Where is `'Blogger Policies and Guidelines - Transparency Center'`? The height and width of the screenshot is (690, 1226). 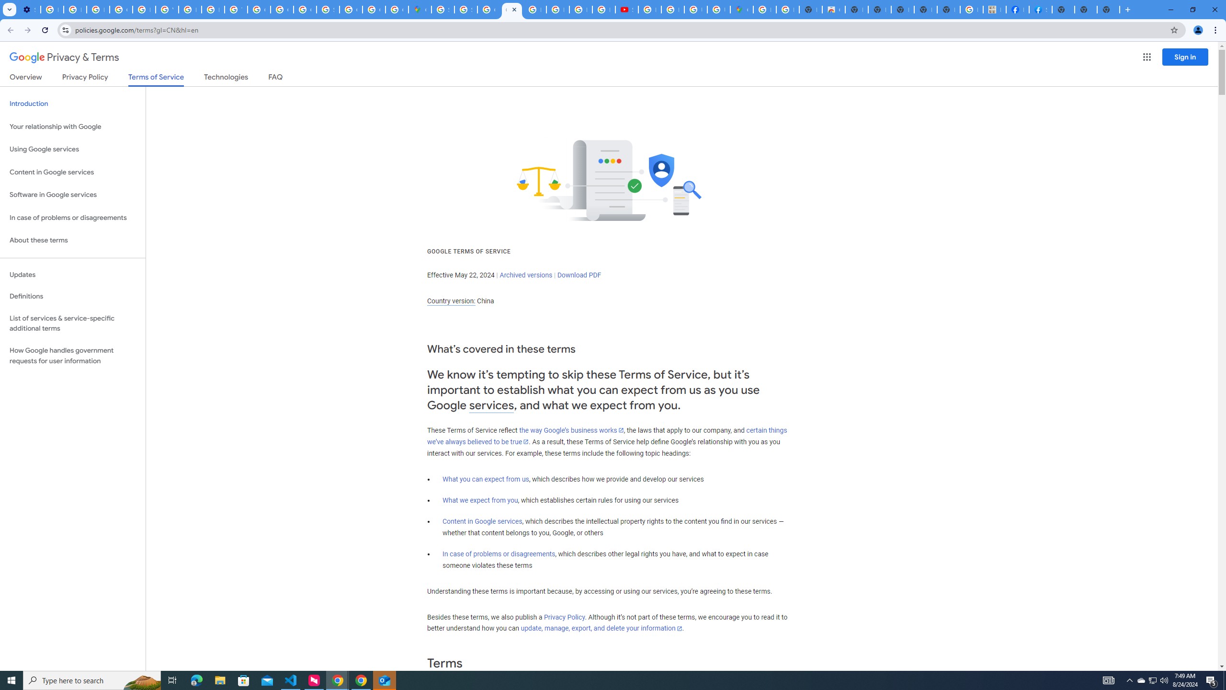
'Blogger Policies and Guidelines - Transparency Center' is located at coordinates (534, 9).